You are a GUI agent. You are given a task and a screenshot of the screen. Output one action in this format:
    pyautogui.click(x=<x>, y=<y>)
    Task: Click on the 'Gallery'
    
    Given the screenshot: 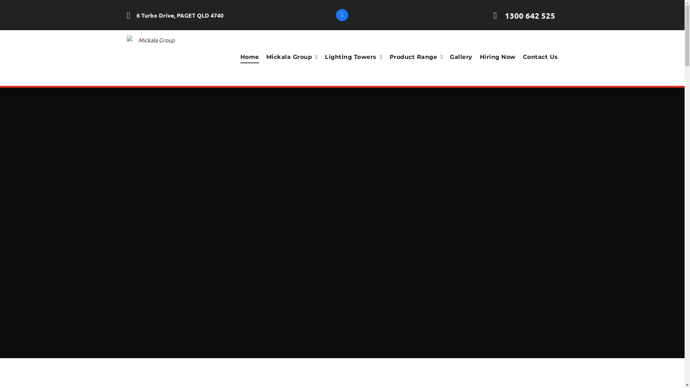 What is the action you would take?
    pyautogui.click(x=457, y=56)
    